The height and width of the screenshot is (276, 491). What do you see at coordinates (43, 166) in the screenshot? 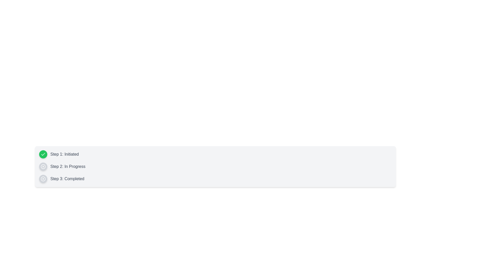
I see `the circular icon with an 'X' mark in the center, which is part of the step indicator layout next to 'Step 2: In Progress'` at bounding box center [43, 166].